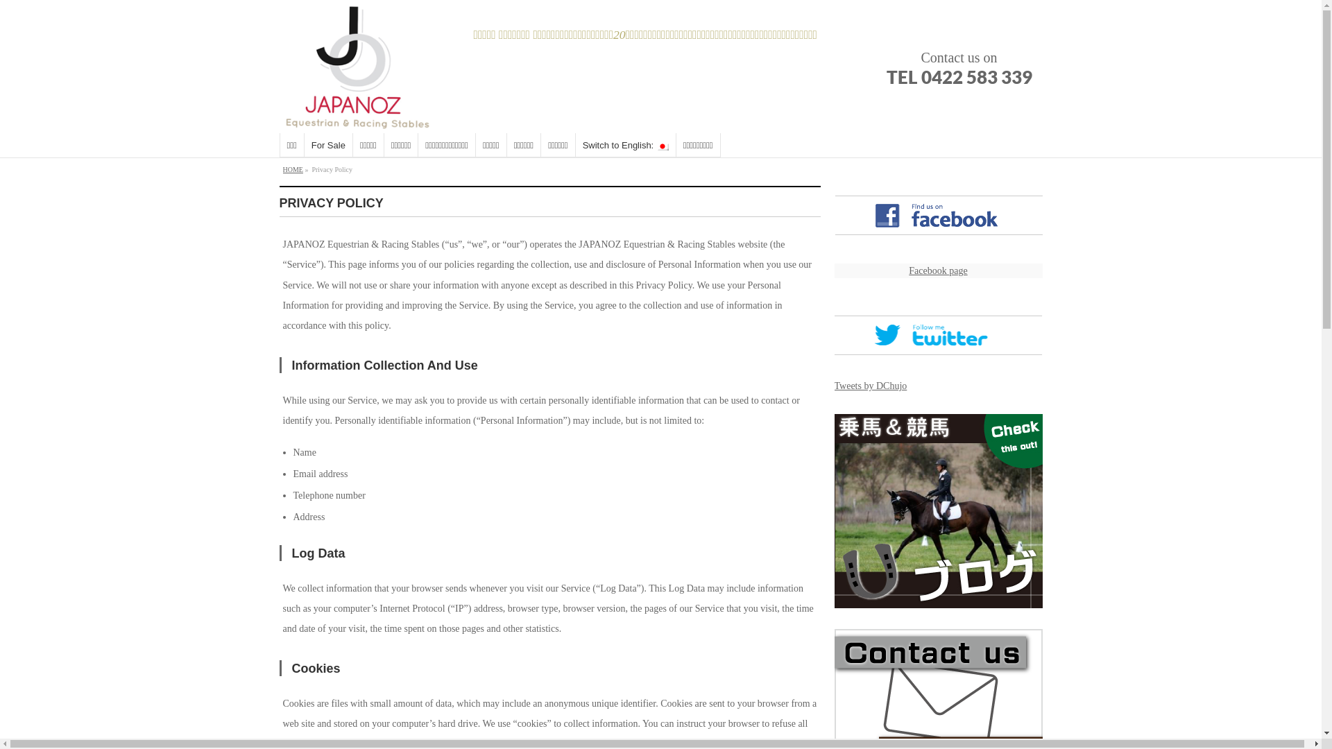 The width and height of the screenshot is (1332, 749). What do you see at coordinates (625, 145) in the screenshot?
I see `'Switch to English: '` at bounding box center [625, 145].